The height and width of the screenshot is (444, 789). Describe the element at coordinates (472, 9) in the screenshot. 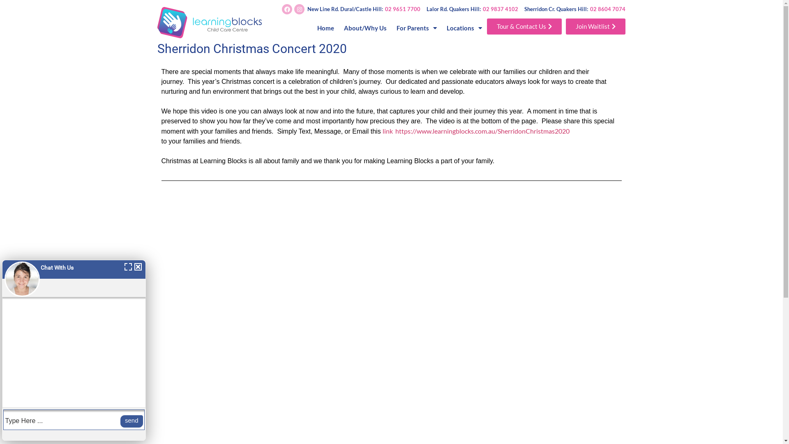

I see `'Lalor Rd. Quakers Hill:` at that location.